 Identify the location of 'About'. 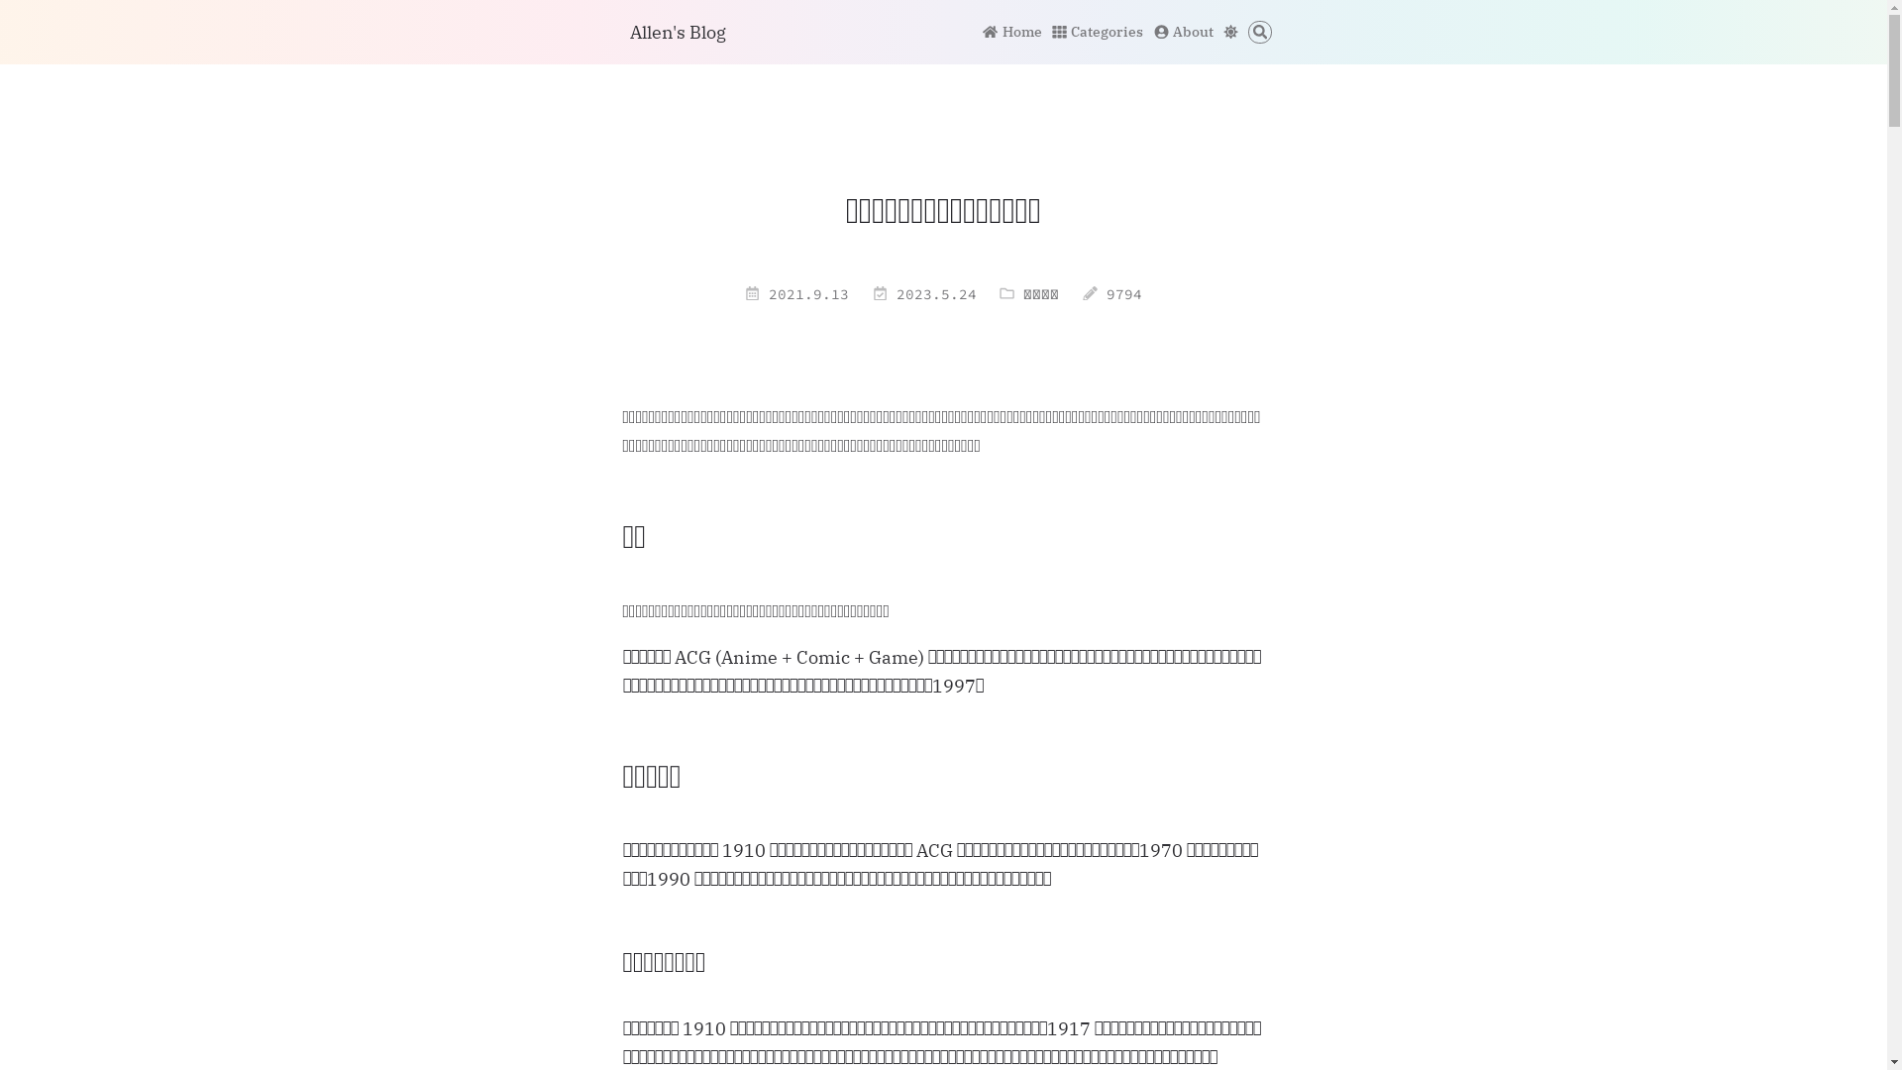
(1184, 31).